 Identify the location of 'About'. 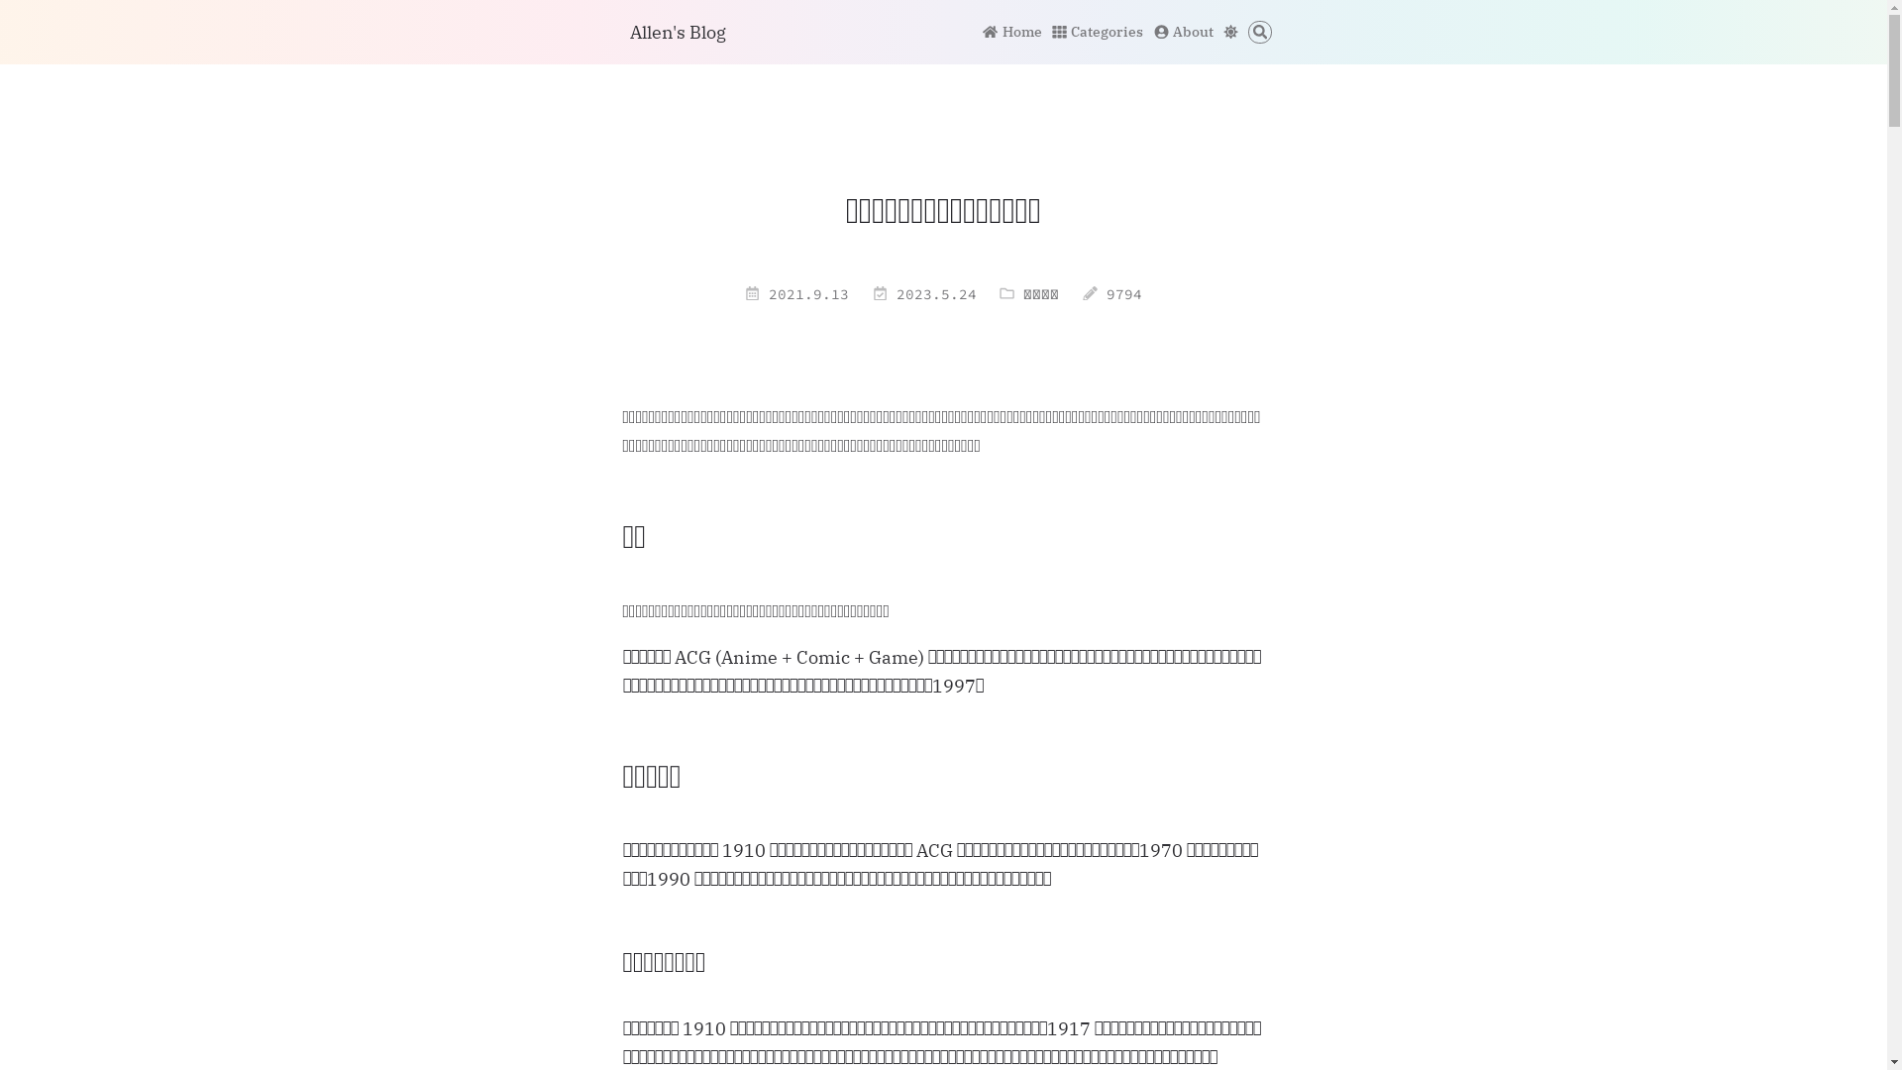
(1184, 31).